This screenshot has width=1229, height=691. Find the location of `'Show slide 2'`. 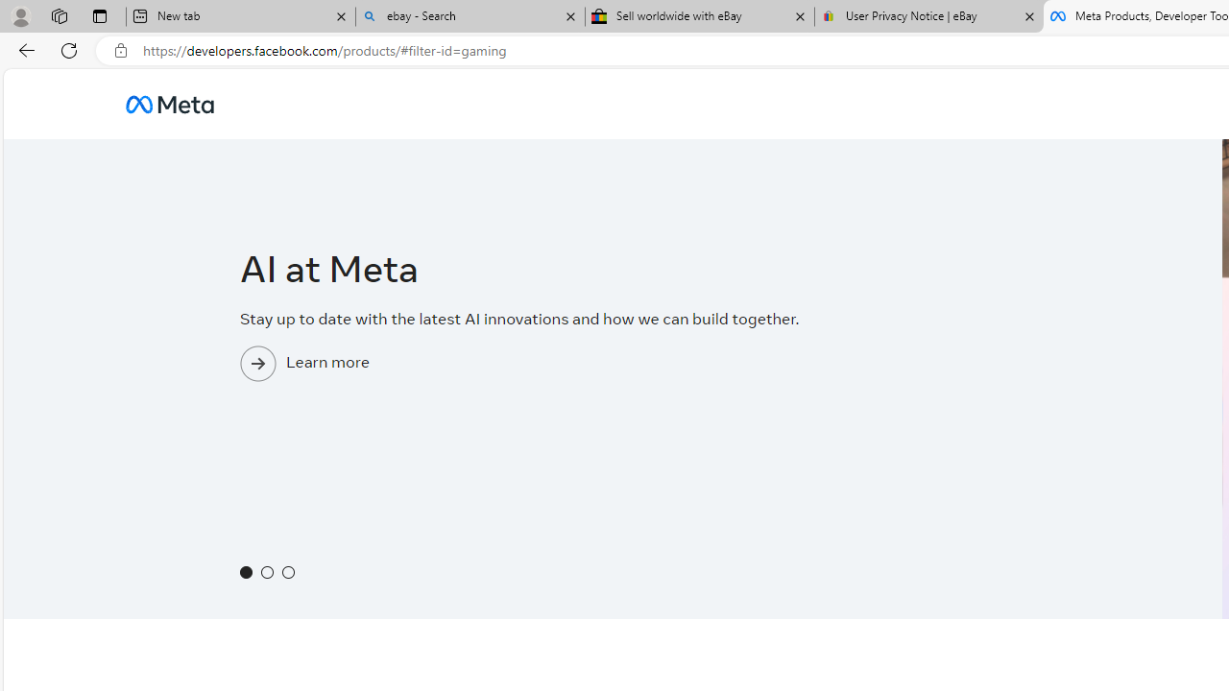

'Show slide 2' is located at coordinates (266, 571).